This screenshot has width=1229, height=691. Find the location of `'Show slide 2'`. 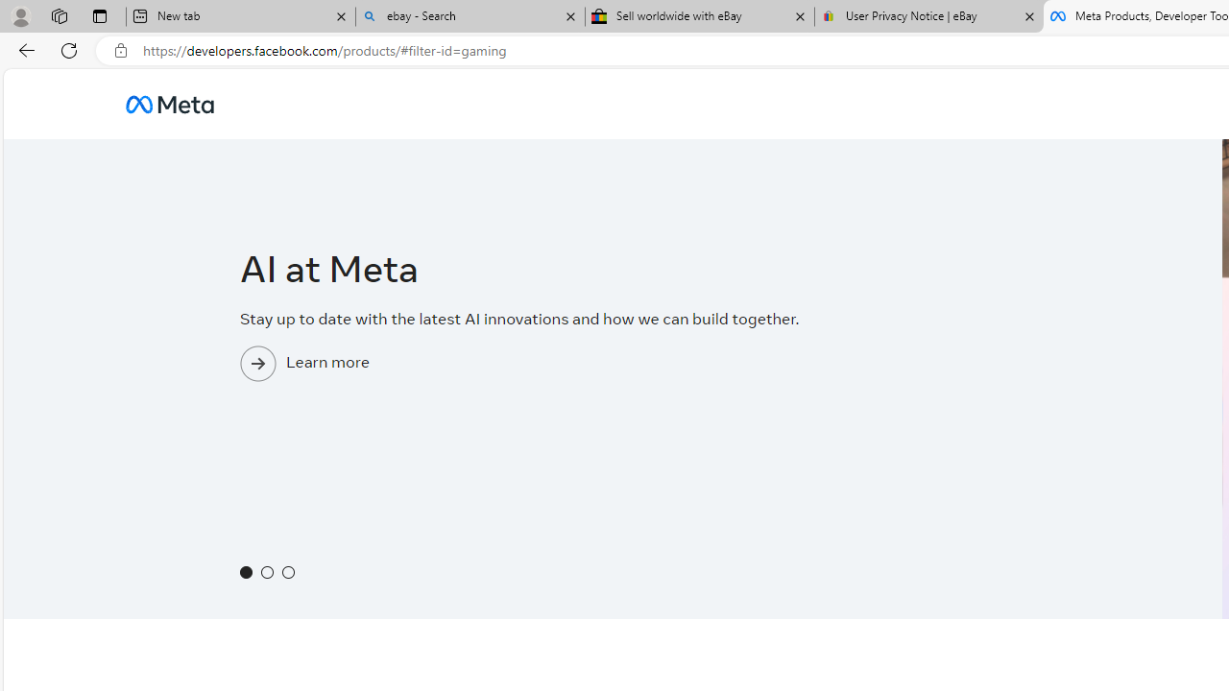

'Show slide 2' is located at coordinates (266, 571).